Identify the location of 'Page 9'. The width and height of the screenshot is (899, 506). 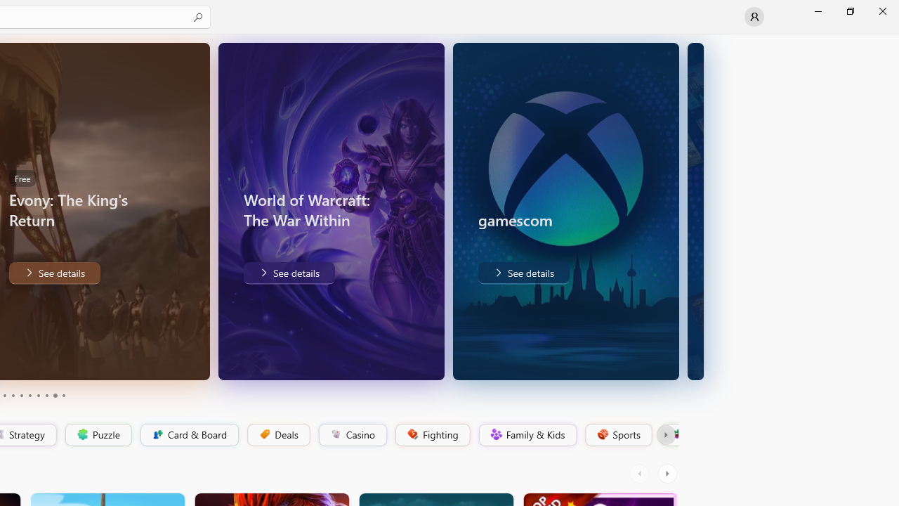
(55, 396).